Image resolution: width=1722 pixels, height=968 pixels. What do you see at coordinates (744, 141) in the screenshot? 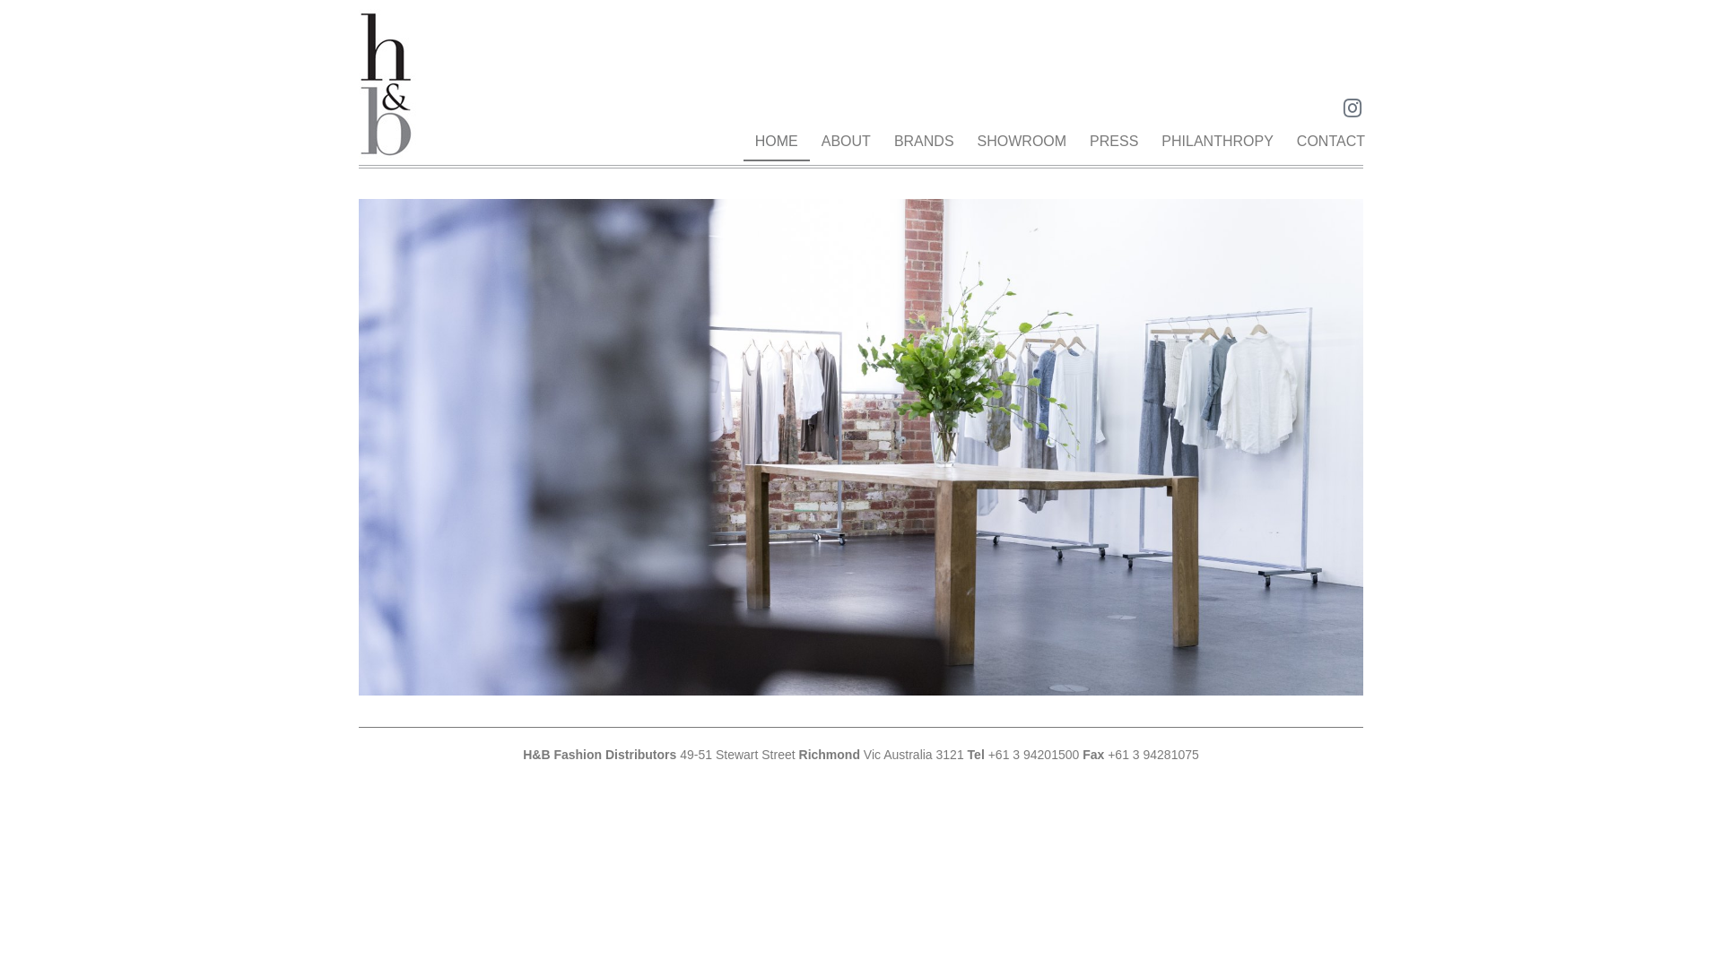
I see `'HOME'` at bounding box center [744, 141].